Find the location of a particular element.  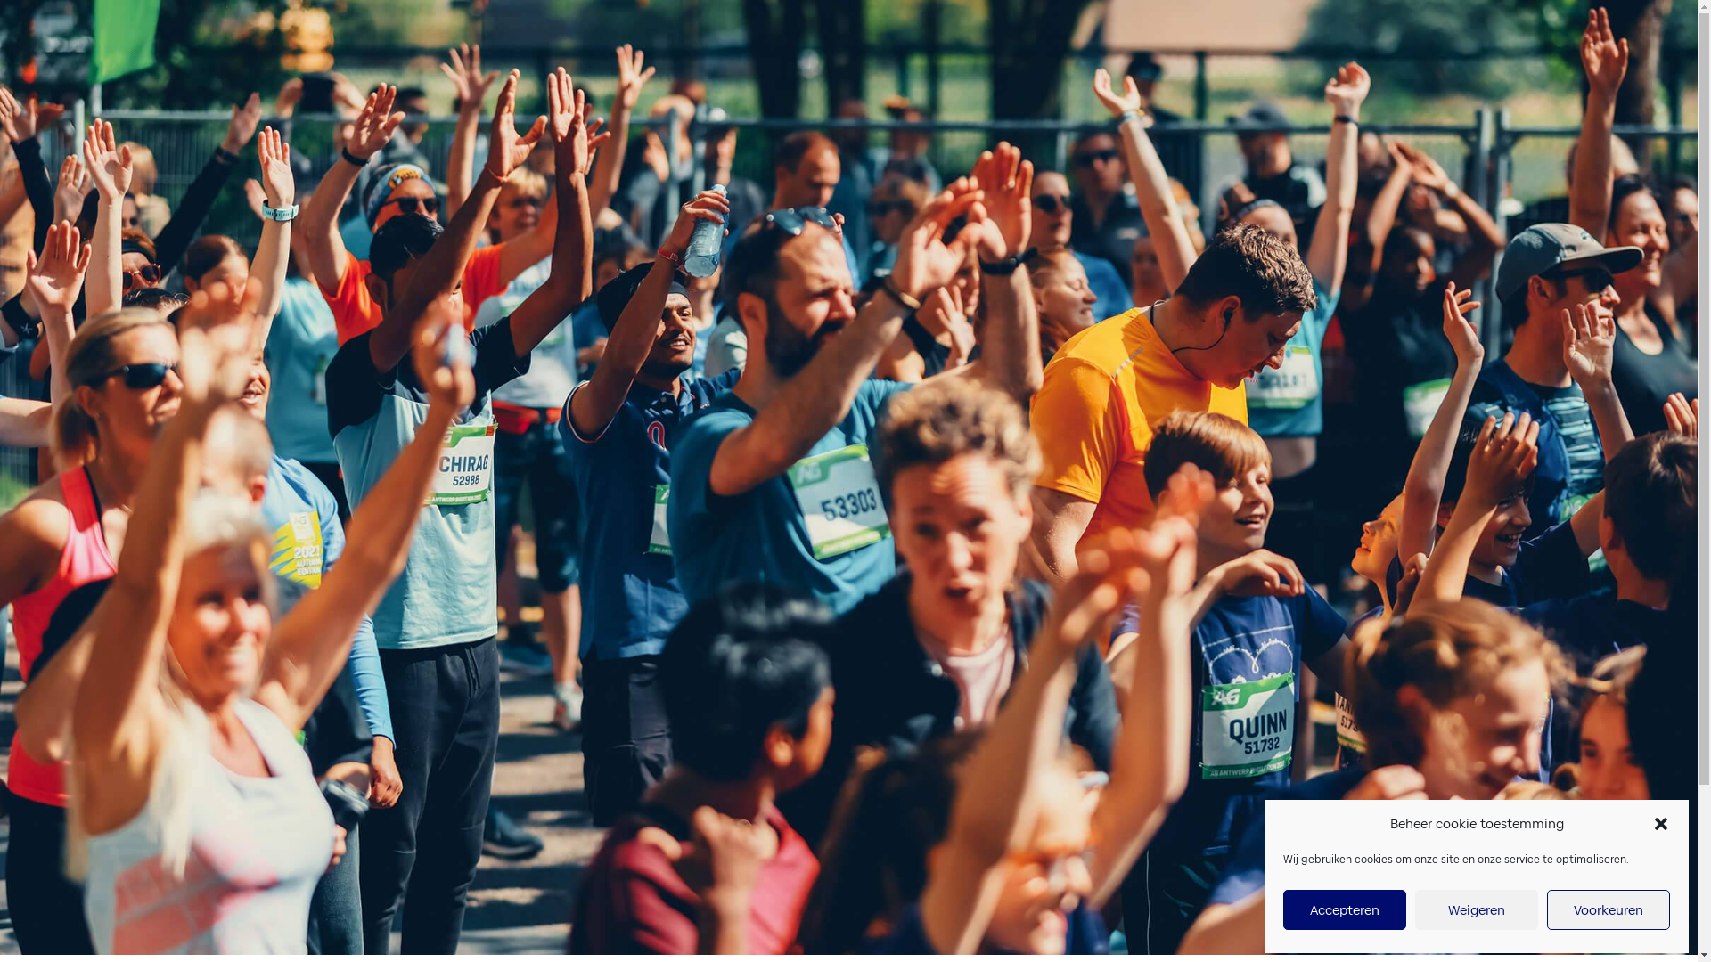

'Accepteren' is located at coordinates (1344, 909).